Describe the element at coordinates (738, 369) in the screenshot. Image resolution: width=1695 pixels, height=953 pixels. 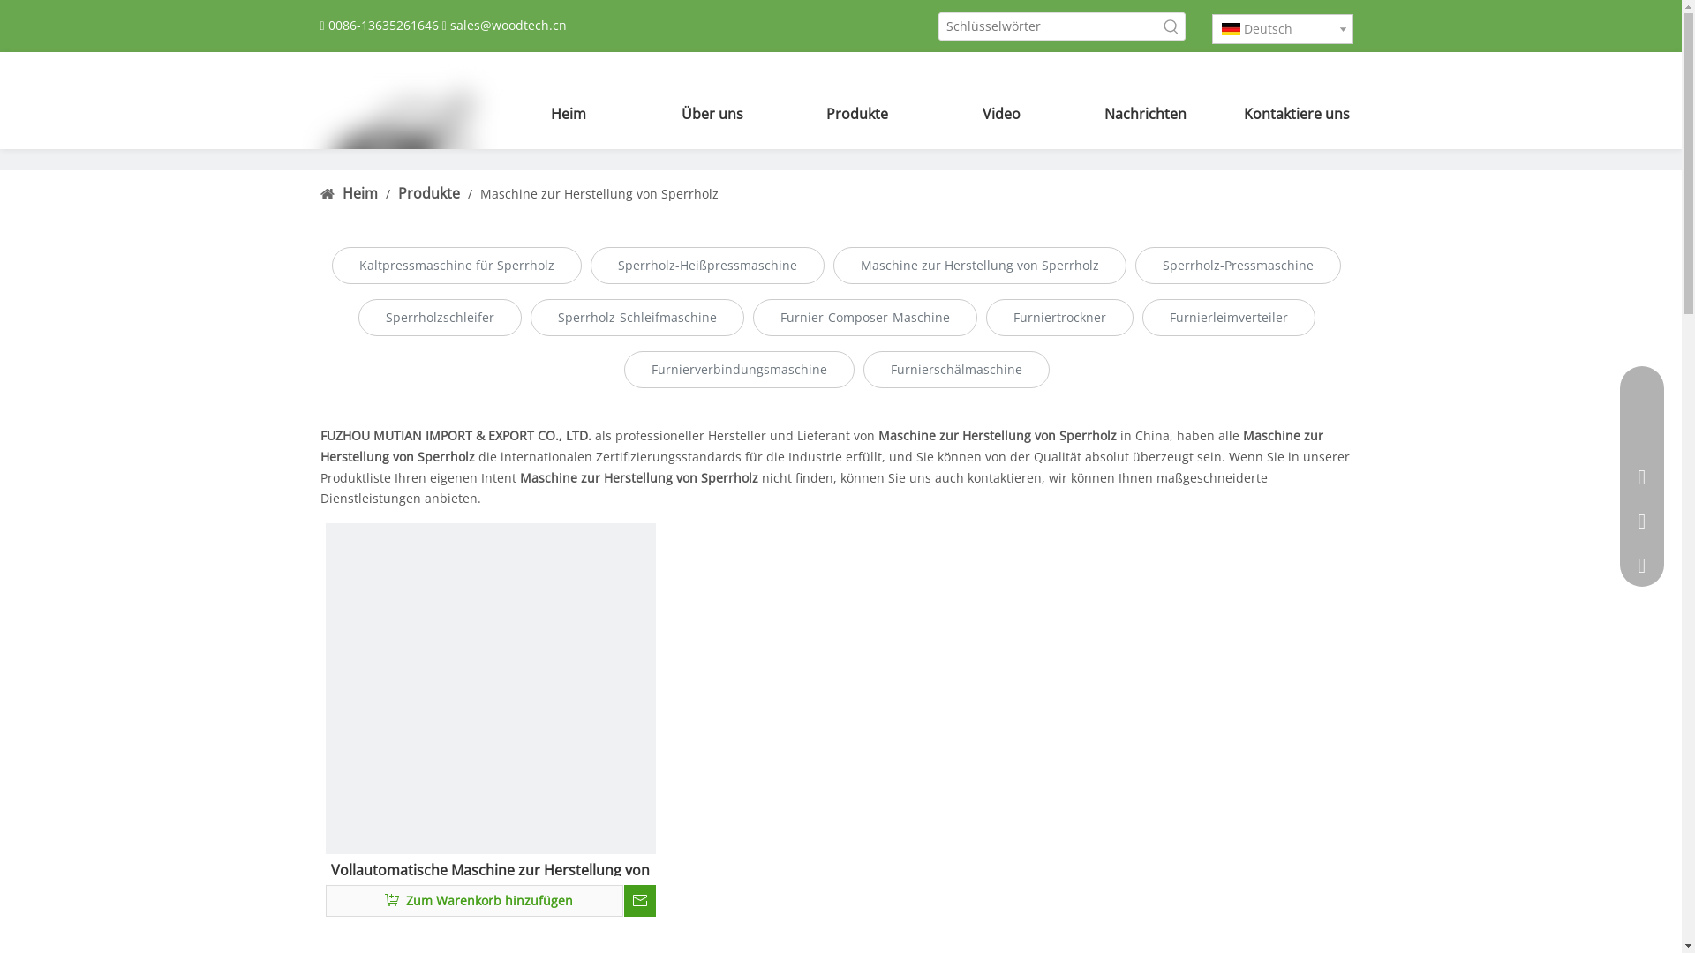
I see `'Furnierverbindungsmaschine'` at that location.